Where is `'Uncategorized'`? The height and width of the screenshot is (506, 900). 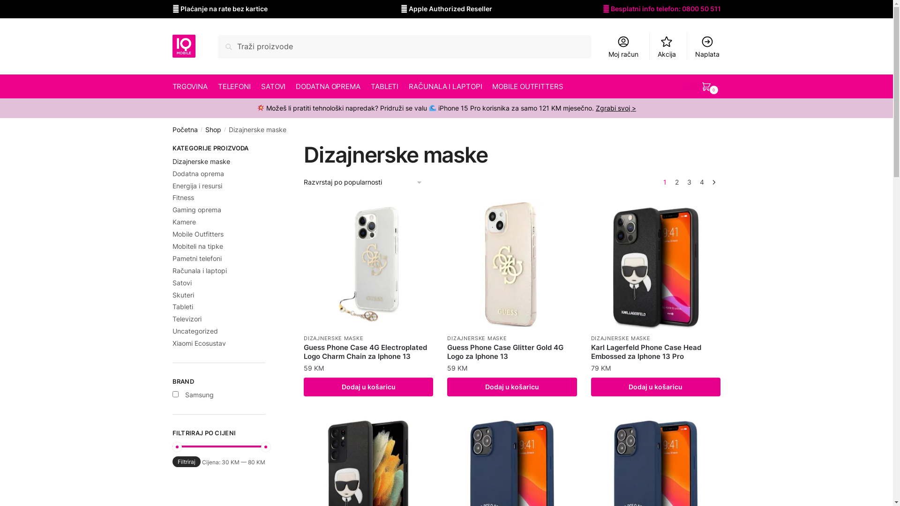
'Uncategorized' is located at coordinates (195, 330).